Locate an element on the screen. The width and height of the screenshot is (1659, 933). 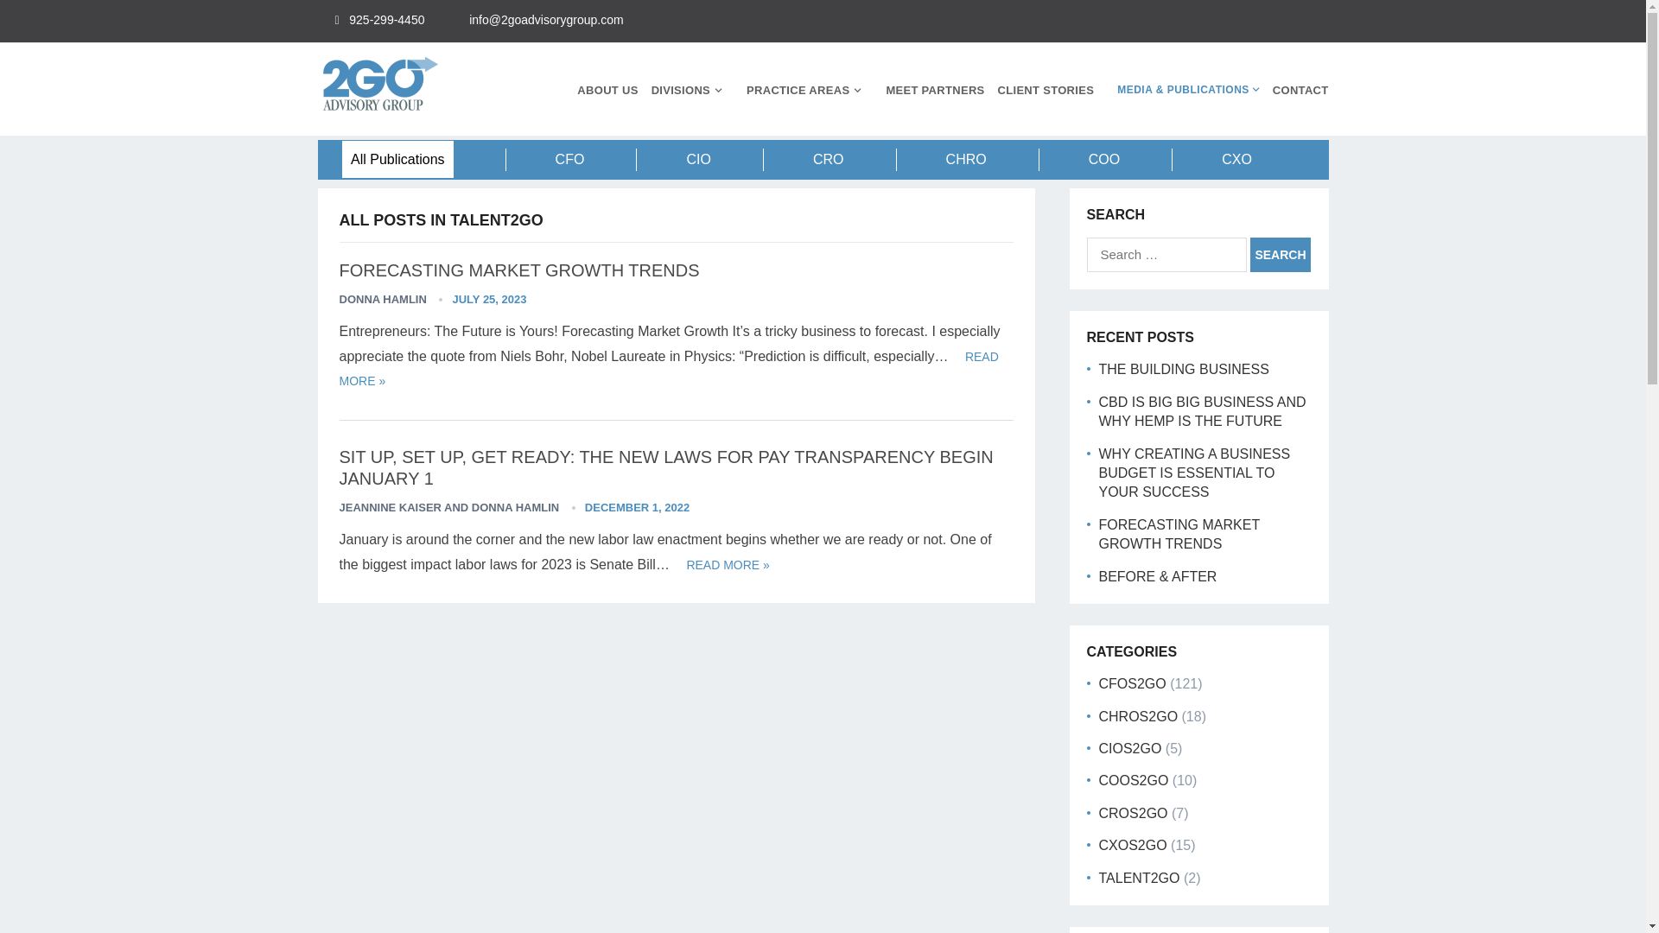
'COO' is located at coordinates (1103, 159).